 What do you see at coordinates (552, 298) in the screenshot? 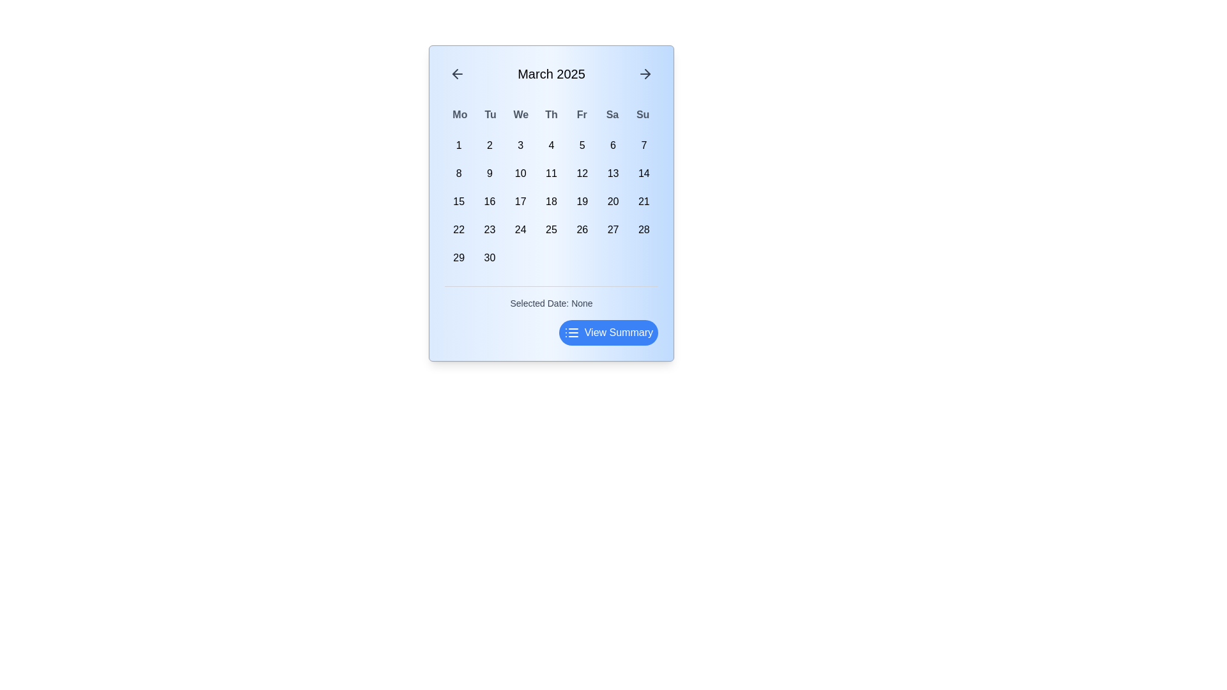
I see `the informational label that displays the currently selected date in the calendar, located beneath the calendar grid and above the 'View Summary' button` at bounding box center [552, 298].